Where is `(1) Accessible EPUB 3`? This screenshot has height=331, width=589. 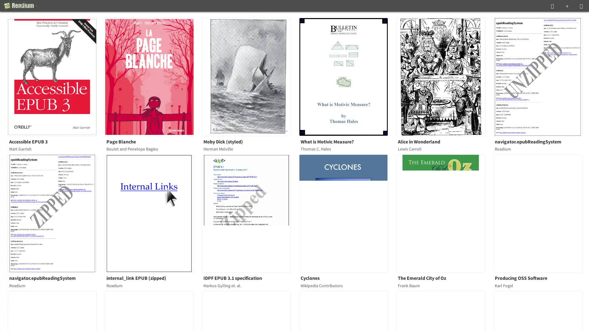
(1) Accessible EPUB 3 is located at coordinates (56, 76).